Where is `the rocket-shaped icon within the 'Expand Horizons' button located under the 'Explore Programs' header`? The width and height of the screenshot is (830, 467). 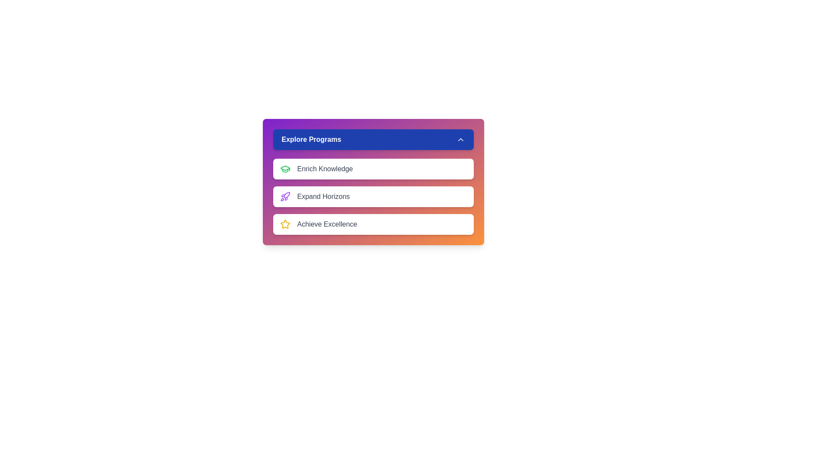
the rocket-shaped icon within the 'Expand Horizons' button located under the 'Explore Programs' header is located at coordinates (285, 197).